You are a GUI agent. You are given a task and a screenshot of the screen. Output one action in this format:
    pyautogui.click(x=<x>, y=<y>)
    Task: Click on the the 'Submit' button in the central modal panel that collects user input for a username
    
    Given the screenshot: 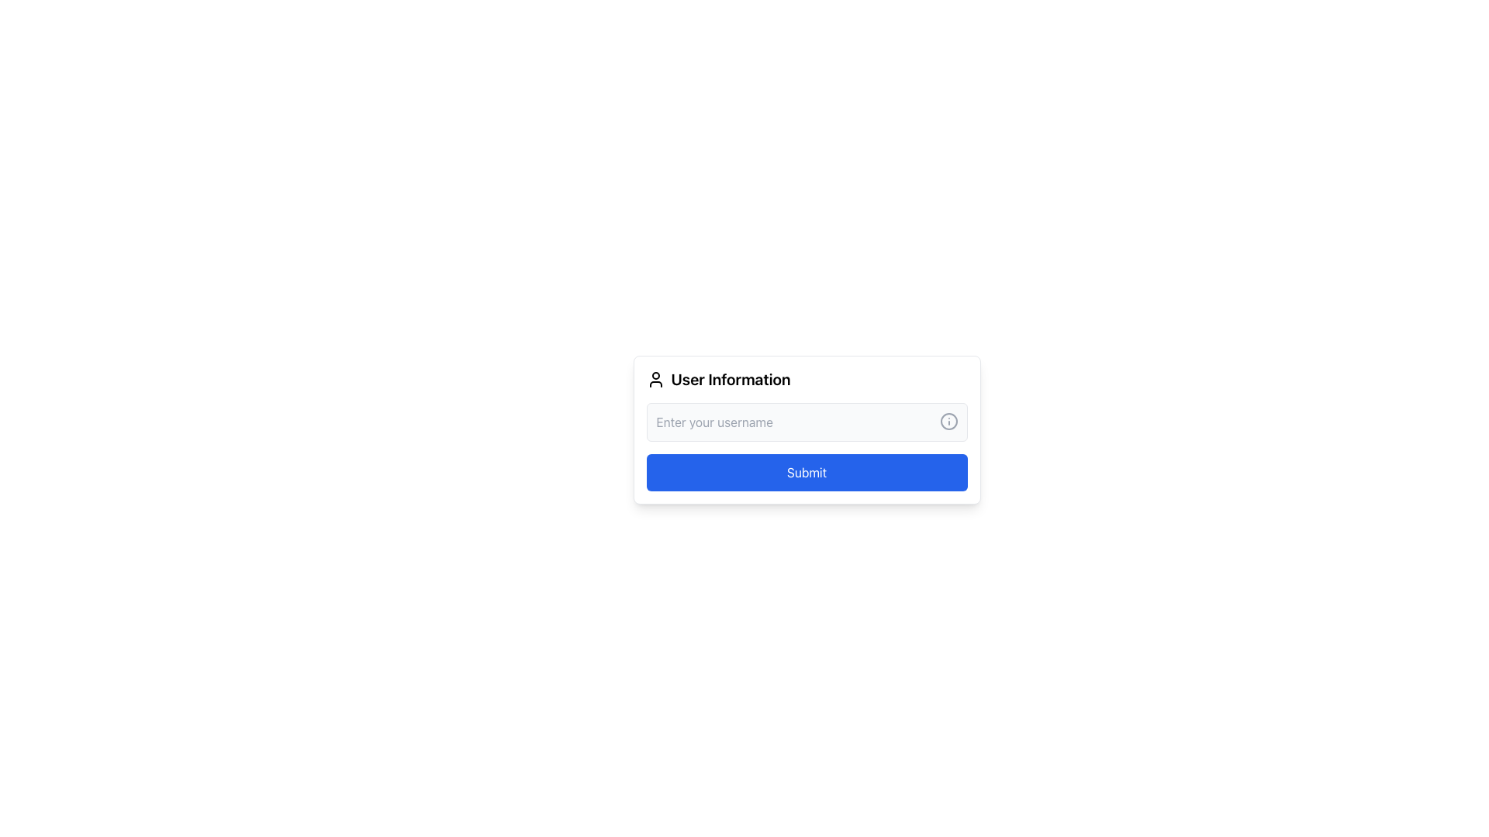 What is the action you would take?
    pyautogui.click(x=807, y=505)
    